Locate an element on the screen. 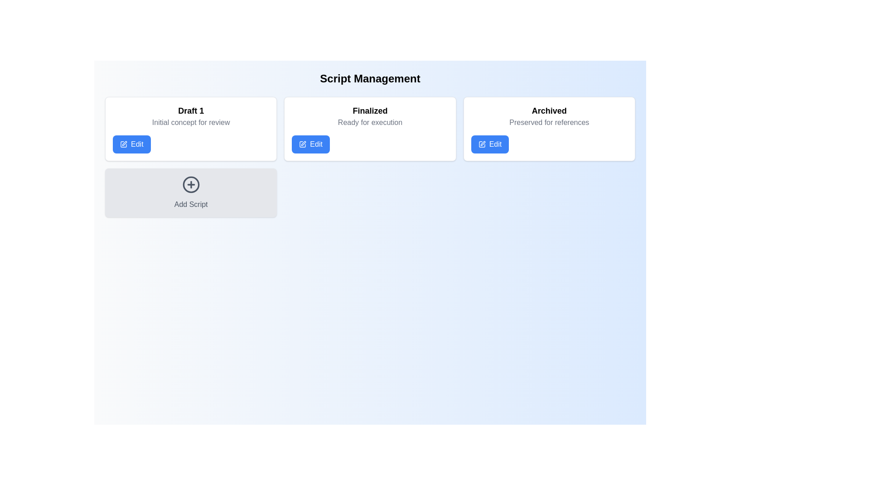 The width and height of the screenshot is (870, 489). information displayed on the card titled 'Archived', which contains a subtitle 'Preserved for references' and an 'Edit' button at the bottom-left corner is located at coordinates (549, 129).